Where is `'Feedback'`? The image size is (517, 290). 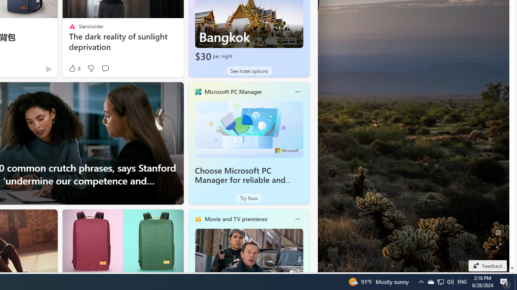
'Feedback' is located at coordinates (487, 265).